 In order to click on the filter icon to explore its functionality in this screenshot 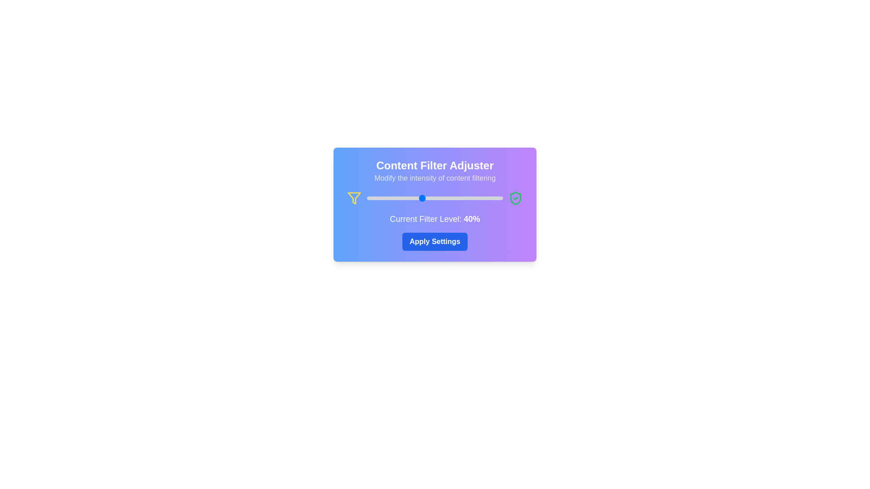, I will do `click(354, 198)`.